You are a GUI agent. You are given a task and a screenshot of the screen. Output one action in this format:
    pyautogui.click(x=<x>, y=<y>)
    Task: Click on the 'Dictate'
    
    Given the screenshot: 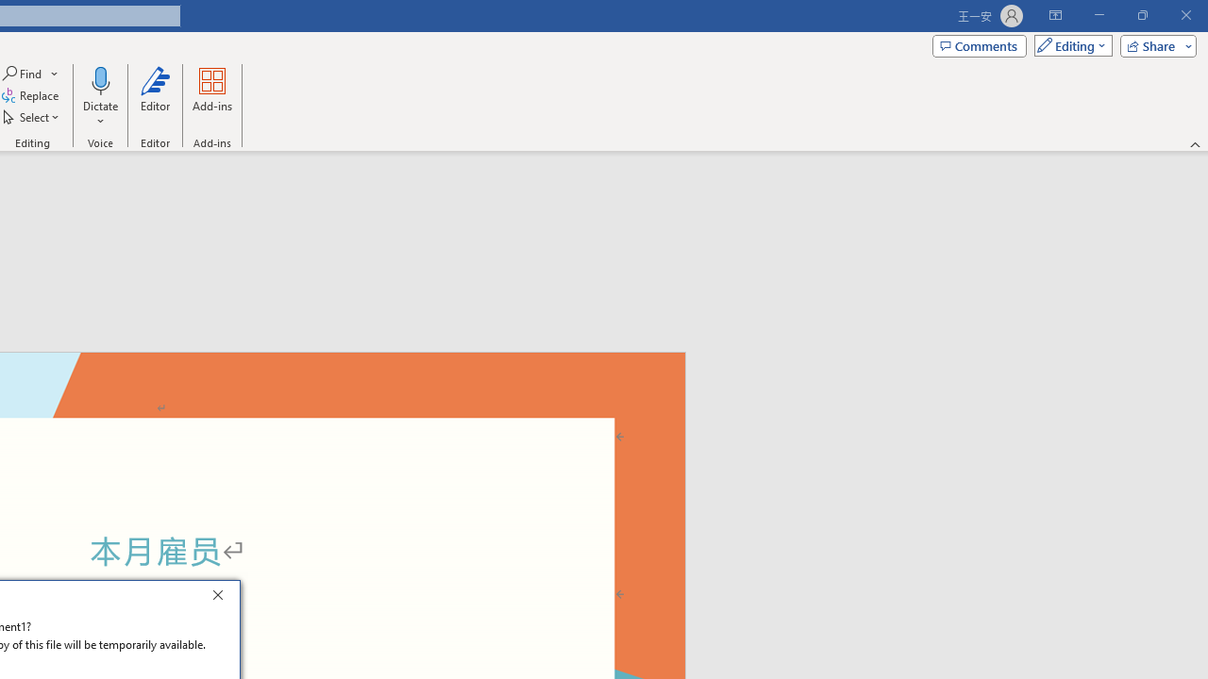 What is the action you would take?
    pyautogui.click(x=99, y=79)
    